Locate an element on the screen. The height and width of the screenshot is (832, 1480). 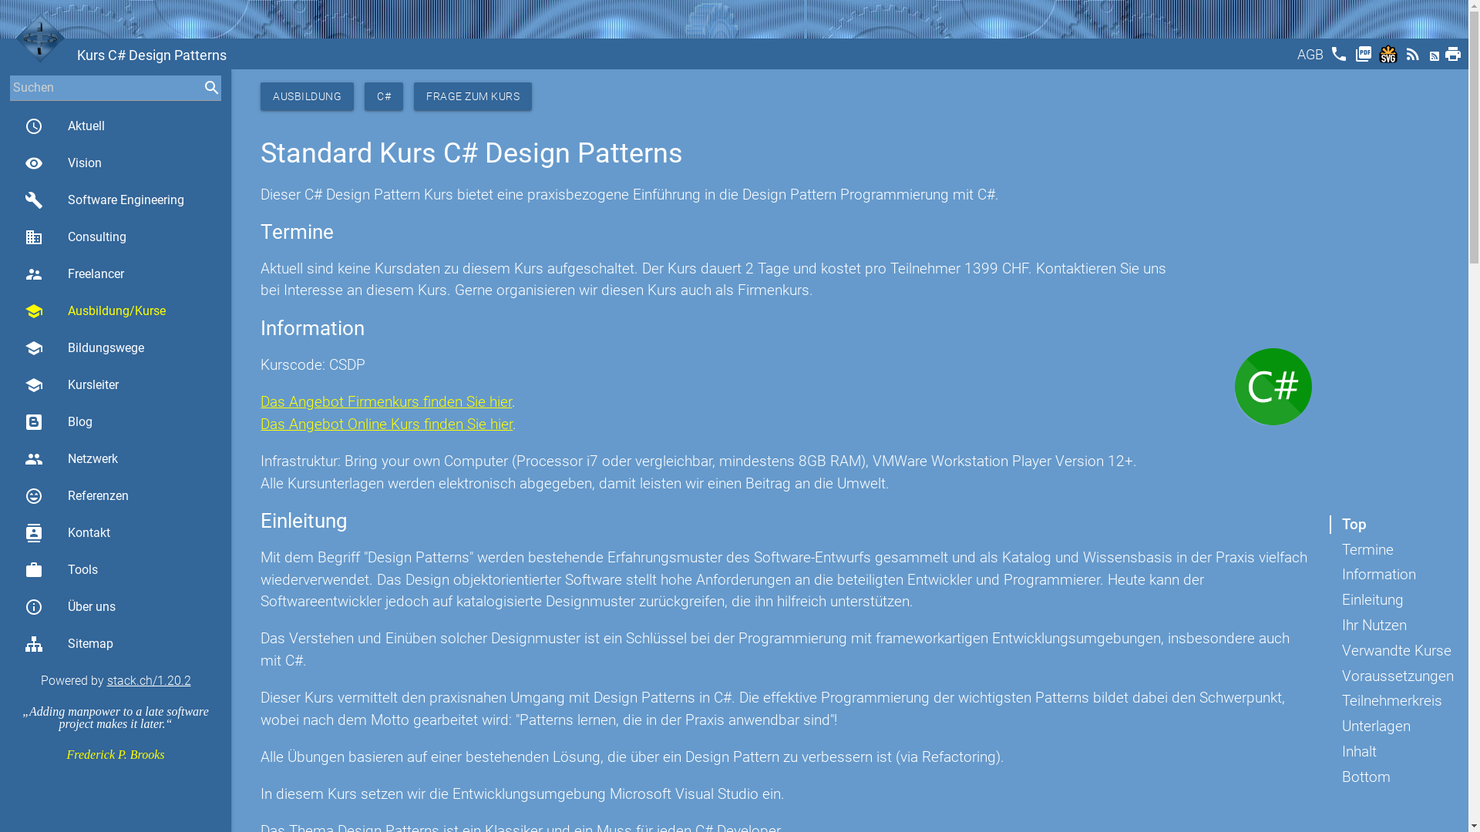
'Svg' is located at coordinates (1390, 58).